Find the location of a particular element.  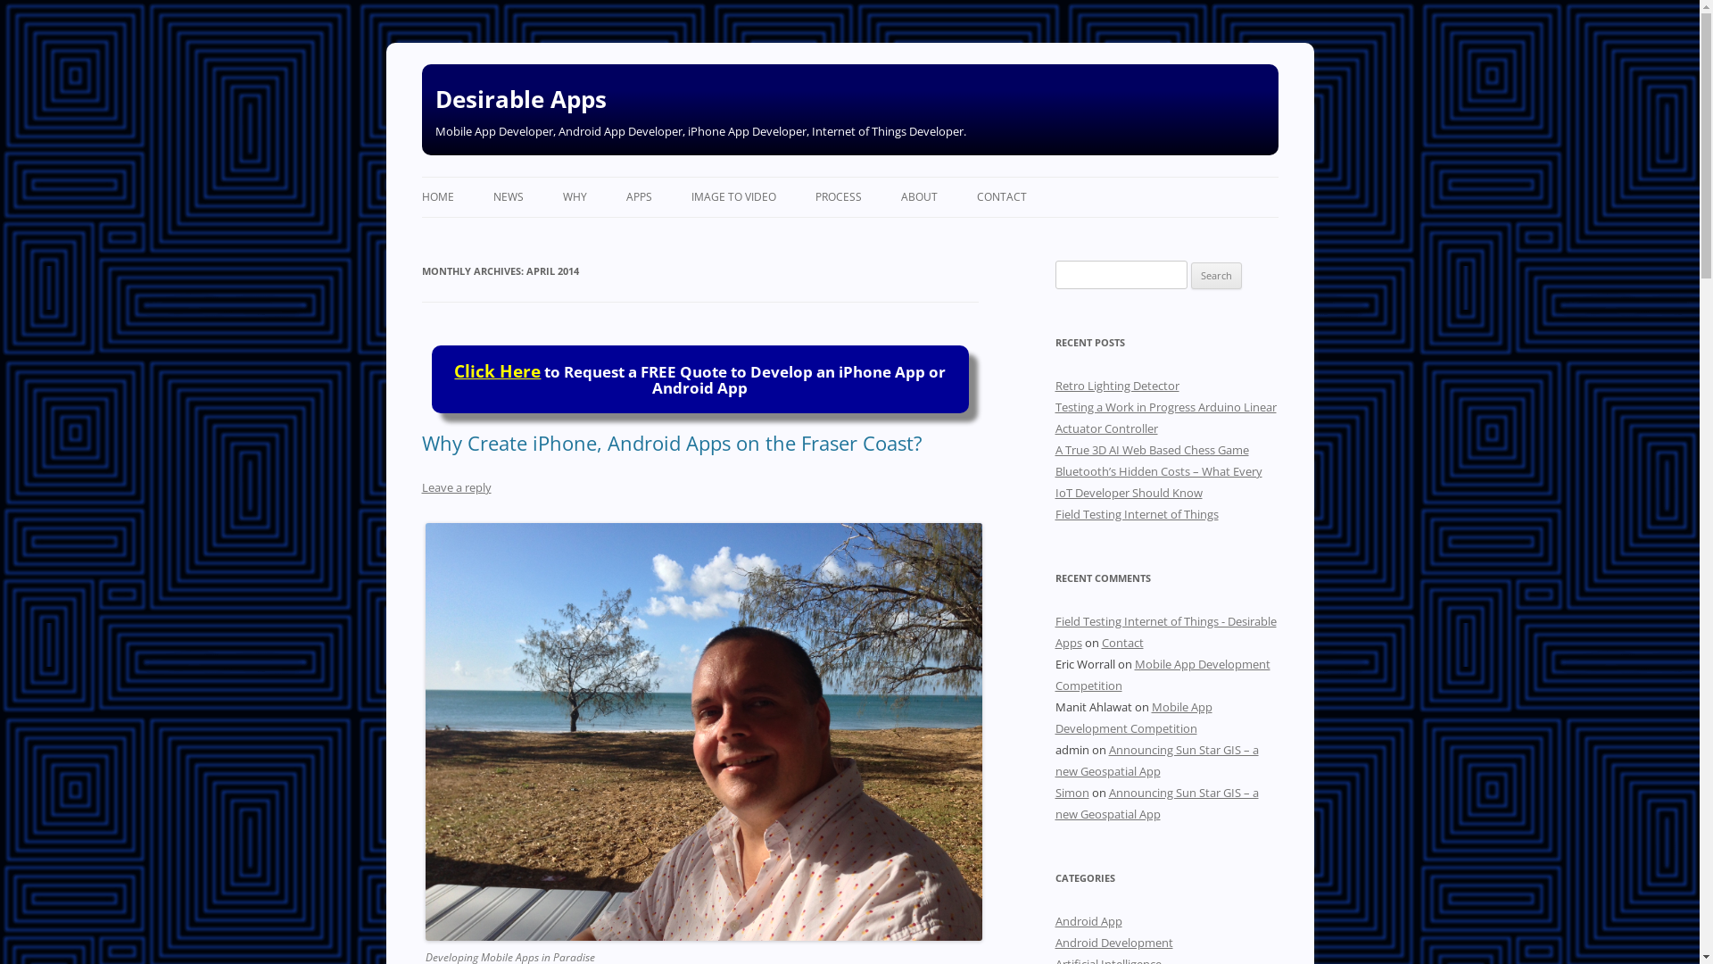

'Contact' is located at coordinates (1121, 643).